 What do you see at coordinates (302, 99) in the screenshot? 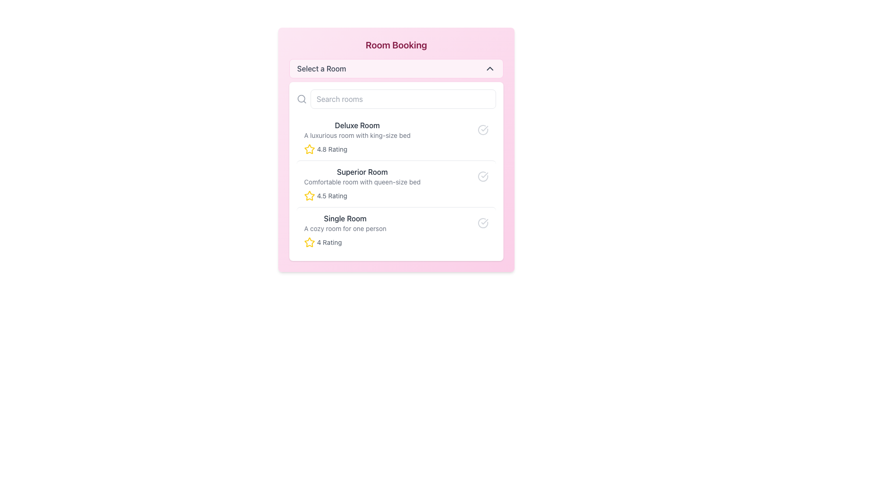
I see `the search icon located in the search section at the top of the room list, positioned to the left of the 'Search rooms' input box` at bounding box center [302, 99].